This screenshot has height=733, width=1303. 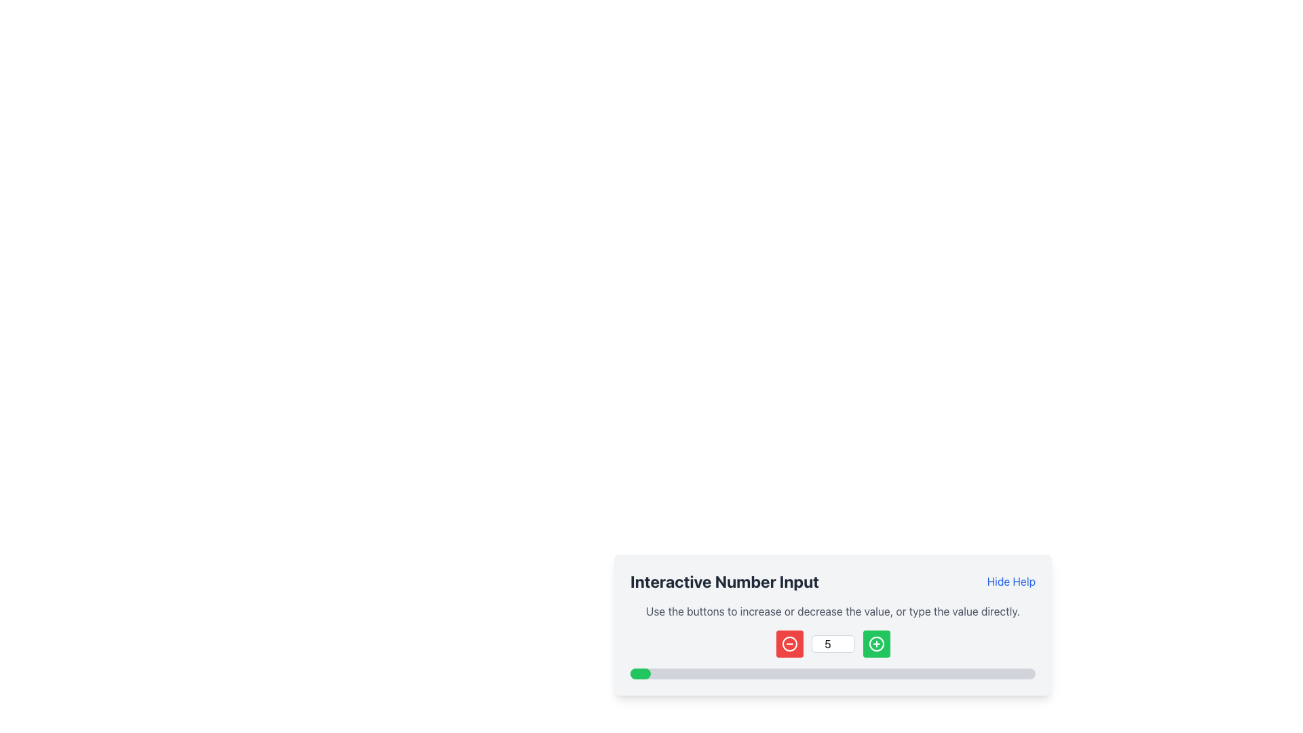 I want to click on instructions text located below the 'Interactive Number Input' heading and above the number input controls, so click(x=832, y=612).